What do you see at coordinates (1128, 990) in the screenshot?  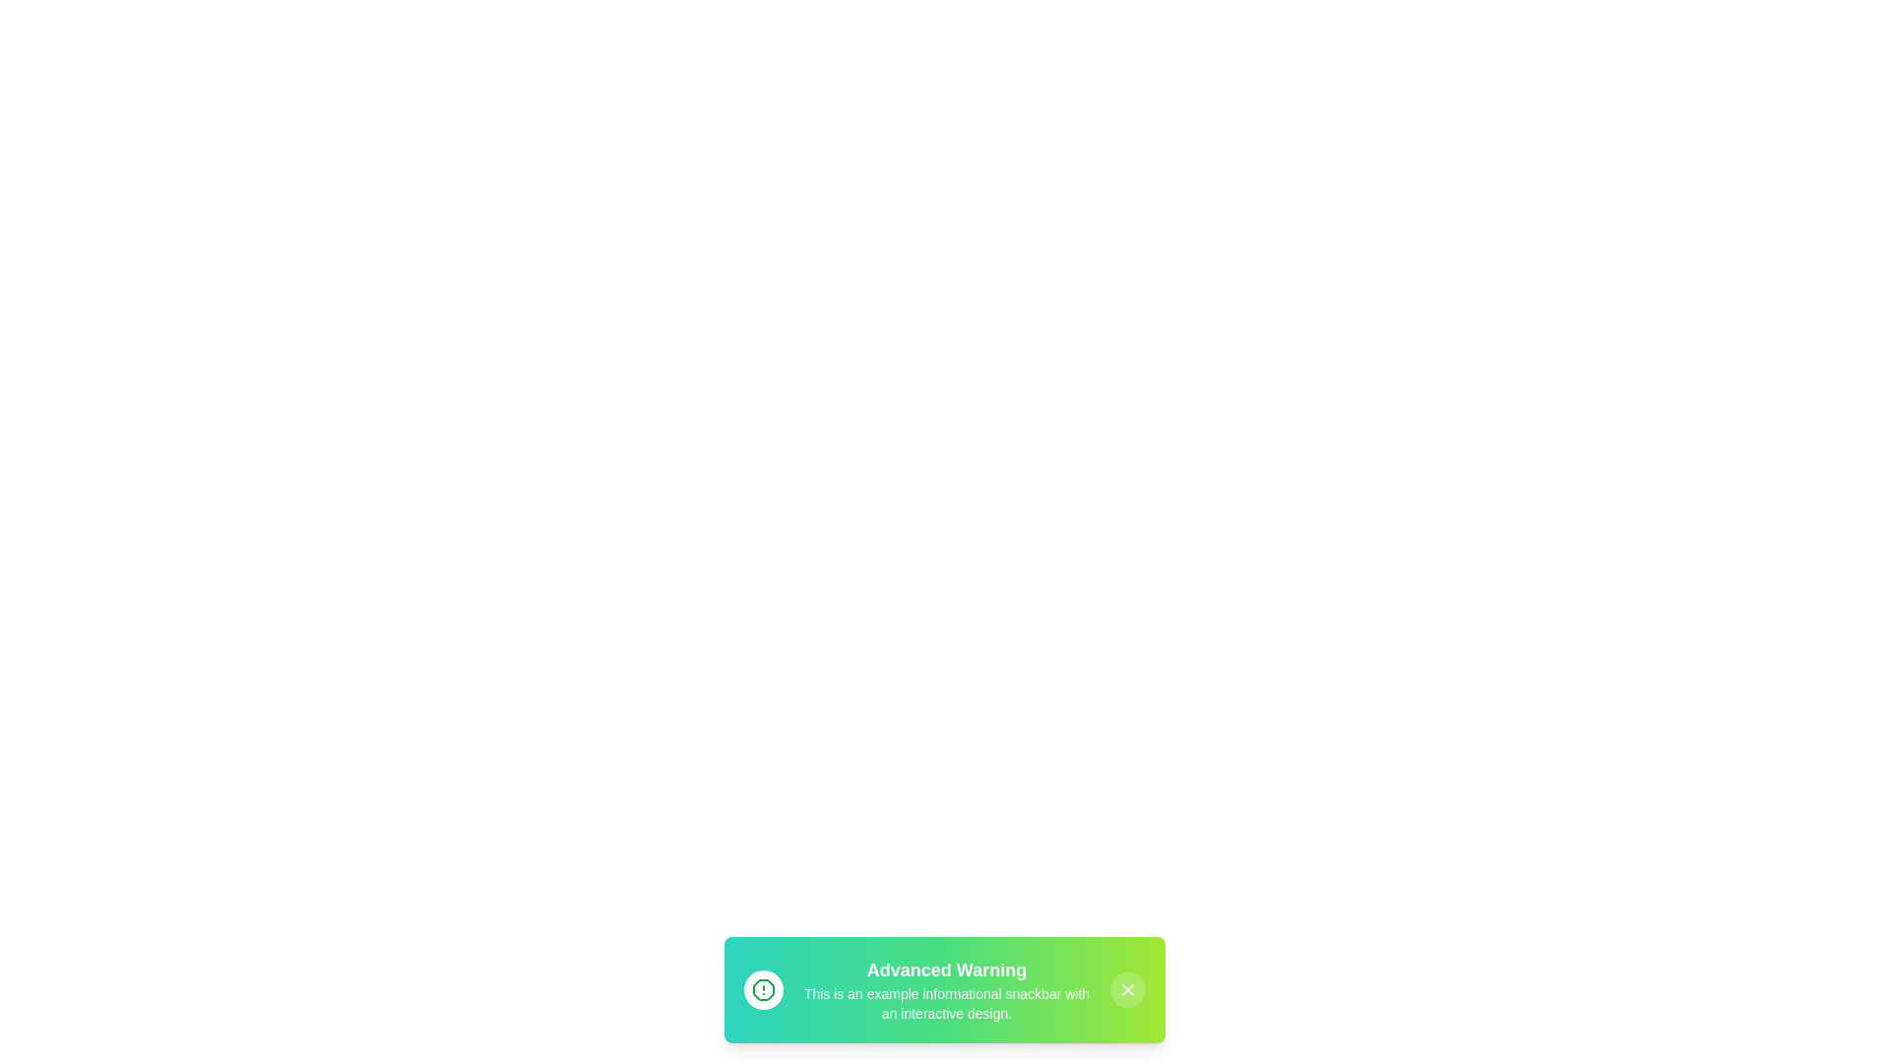 I see `the close button of the snackbar to dismiss it` at bounding box center [1128, 990].